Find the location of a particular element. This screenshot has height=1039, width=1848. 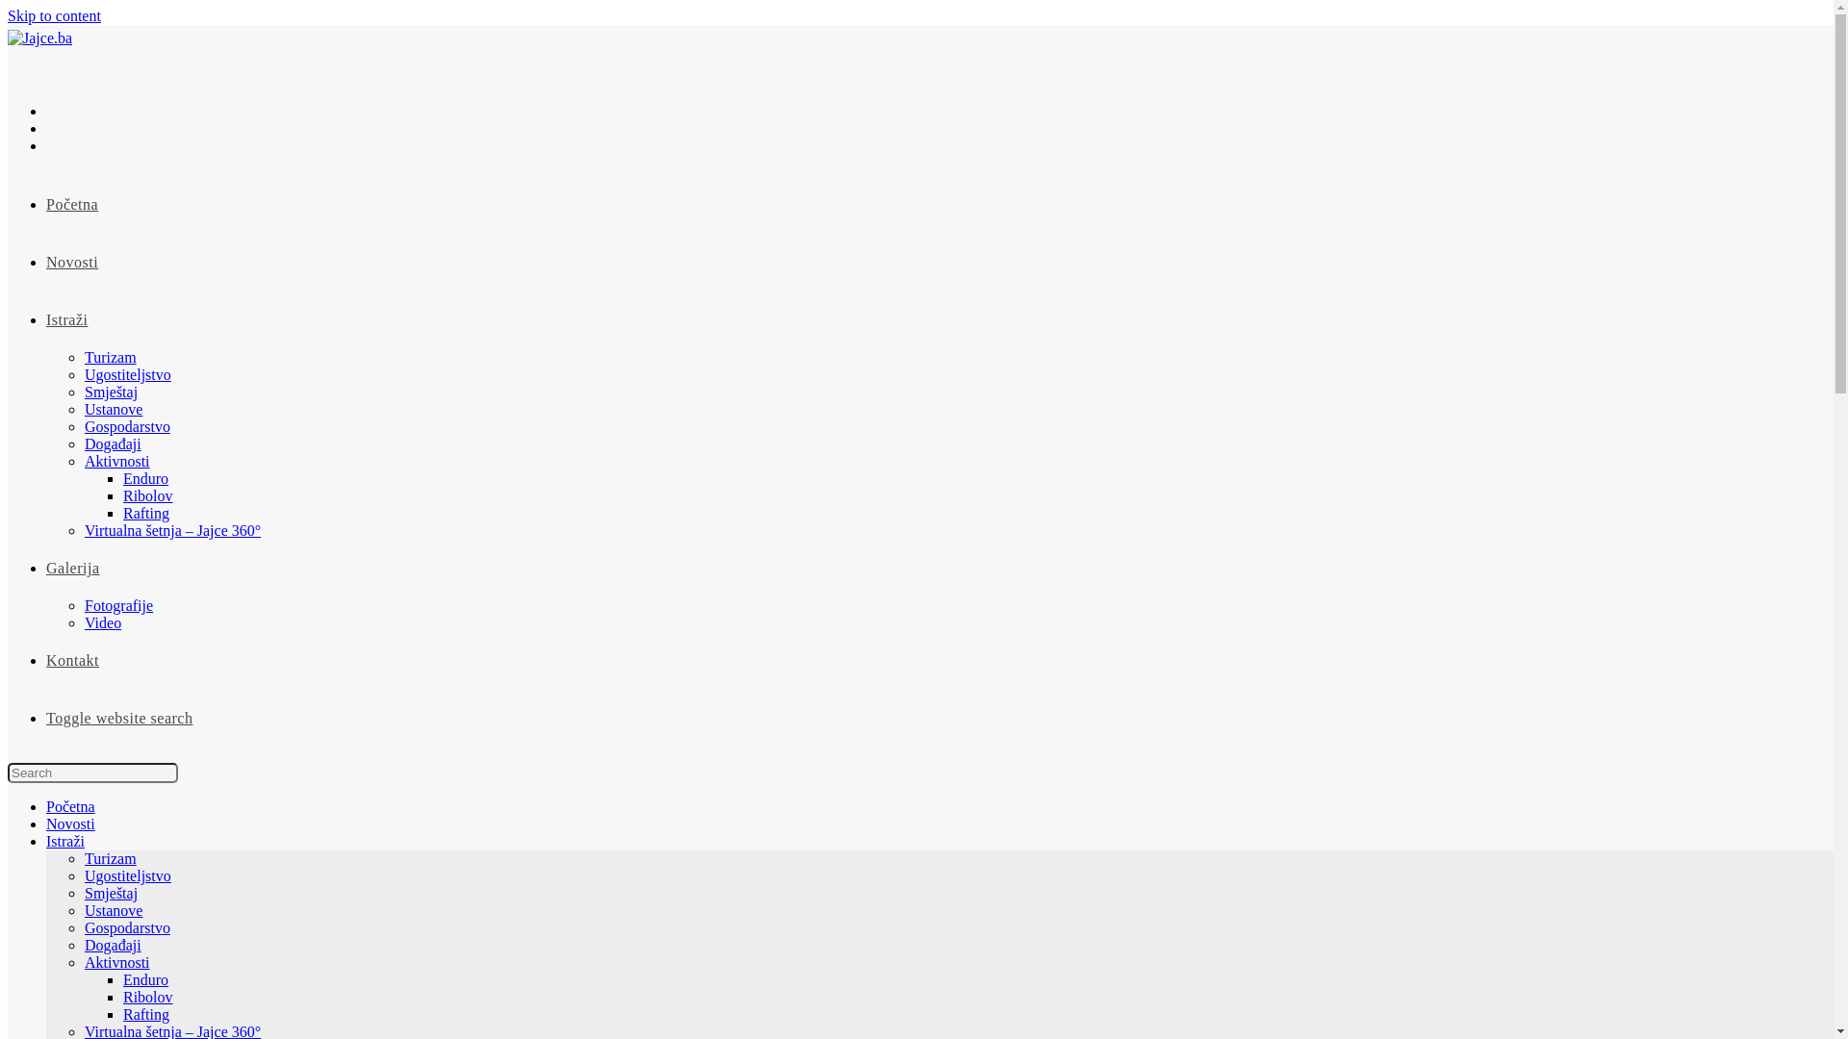

'Novosti' is located at coordinates (72, 262).